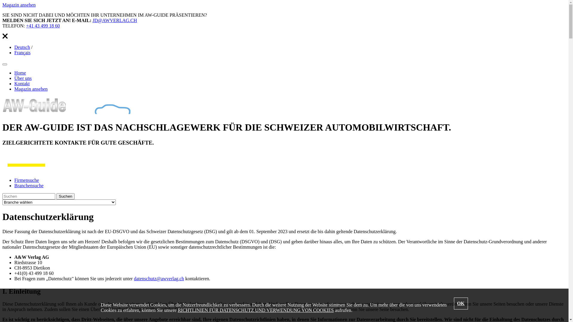  Describe the element at coordinates (115, 20) in the screenshot. I see `'JD@AWVERLAG.CH'` at that location.